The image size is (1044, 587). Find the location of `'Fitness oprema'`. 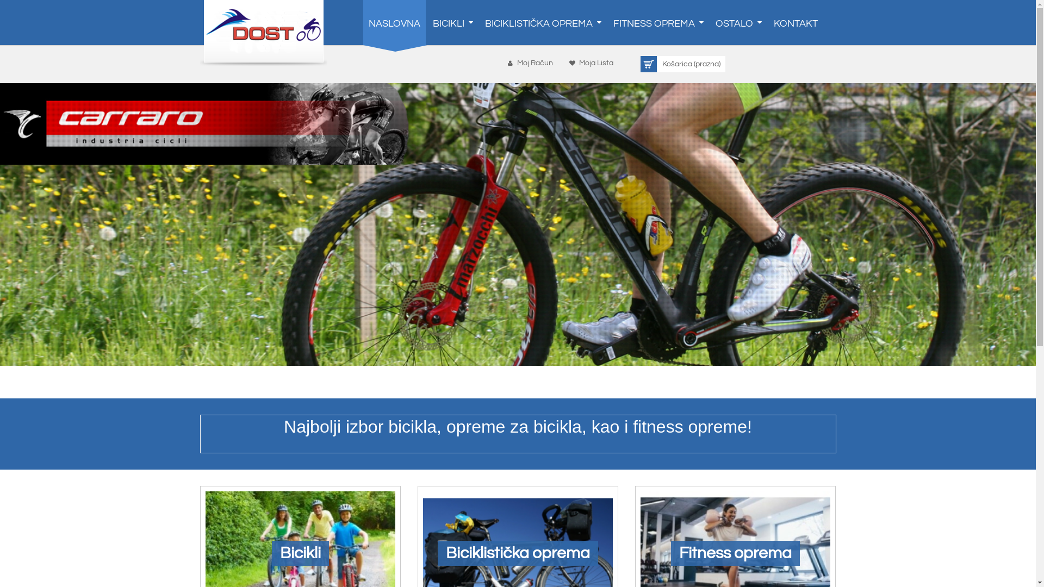

'Fitness oprema' is located at coordinates (735, 553).